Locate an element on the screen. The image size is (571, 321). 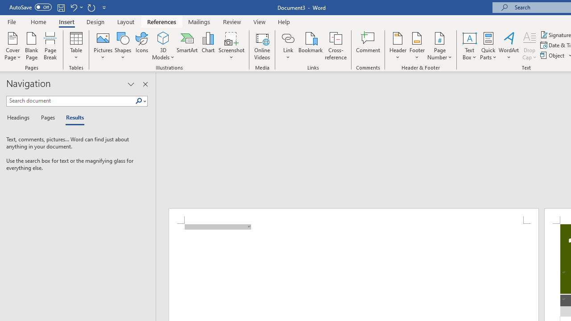
'SmartArt...' is located at coordinates (186, 46).